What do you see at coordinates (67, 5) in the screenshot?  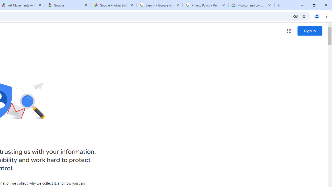 I see `'Google'` at bounding box center [67, 5].